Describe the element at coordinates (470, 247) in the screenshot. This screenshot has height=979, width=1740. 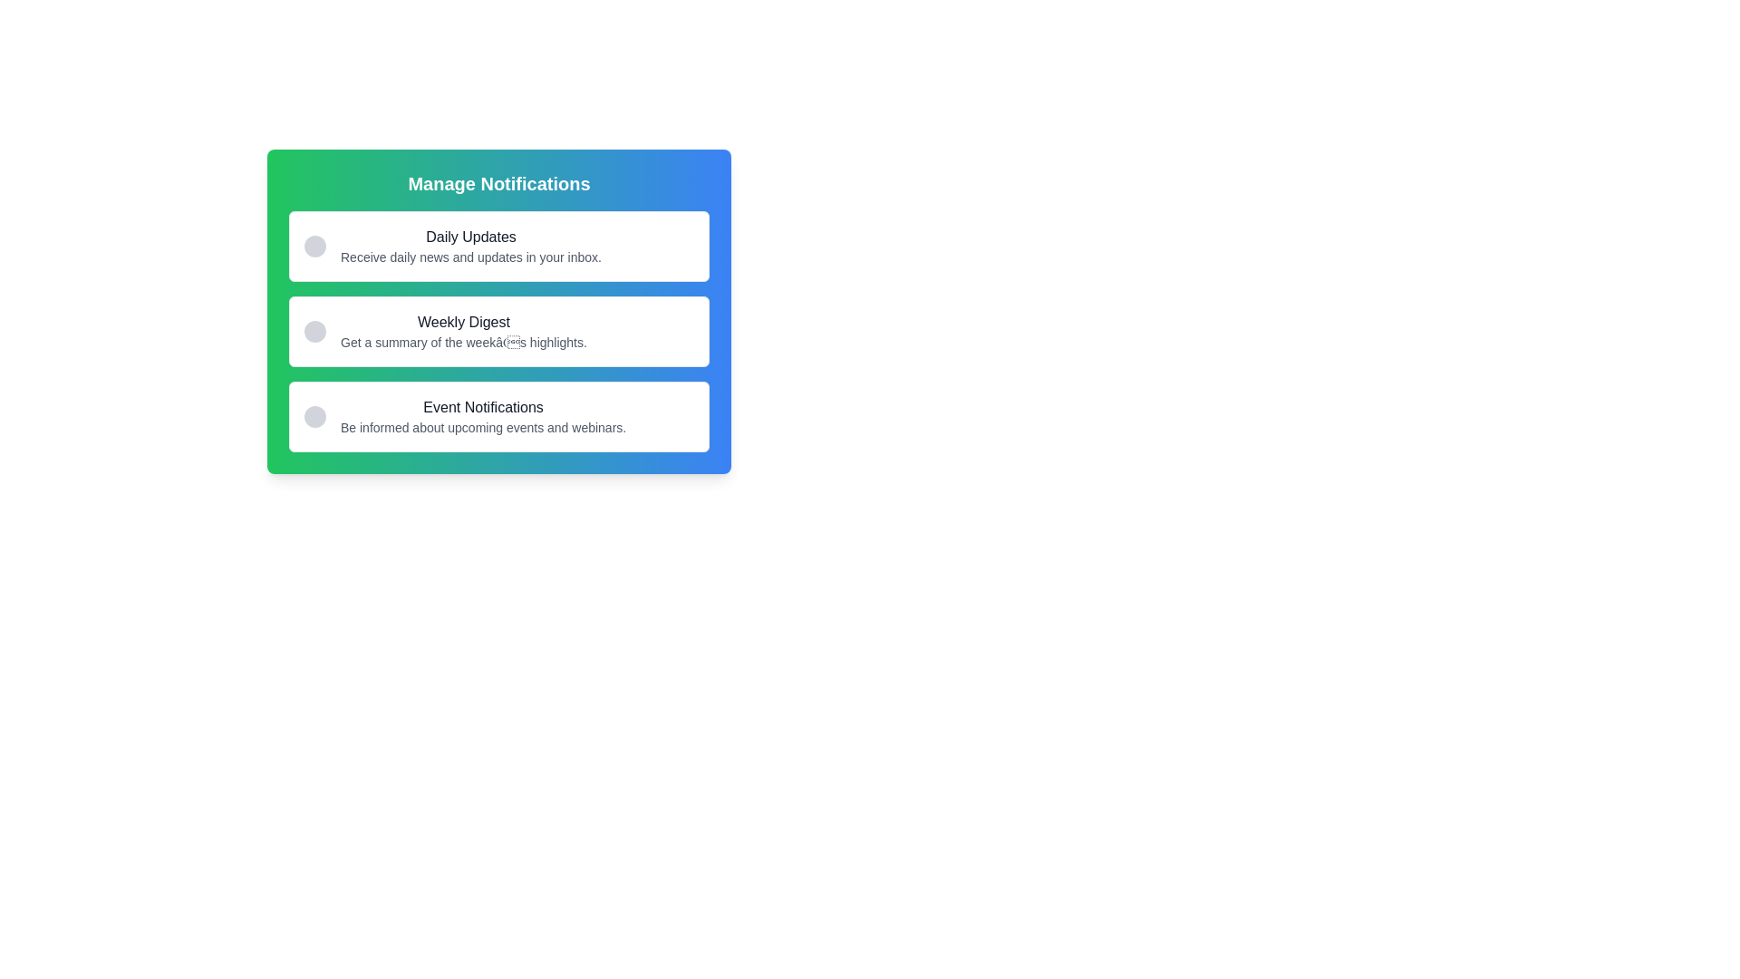
I see `the 'Daily Updates' text description block, which includes 'Daily Updates' and 'Receive daily news and updates in your inbox.'` at that location.